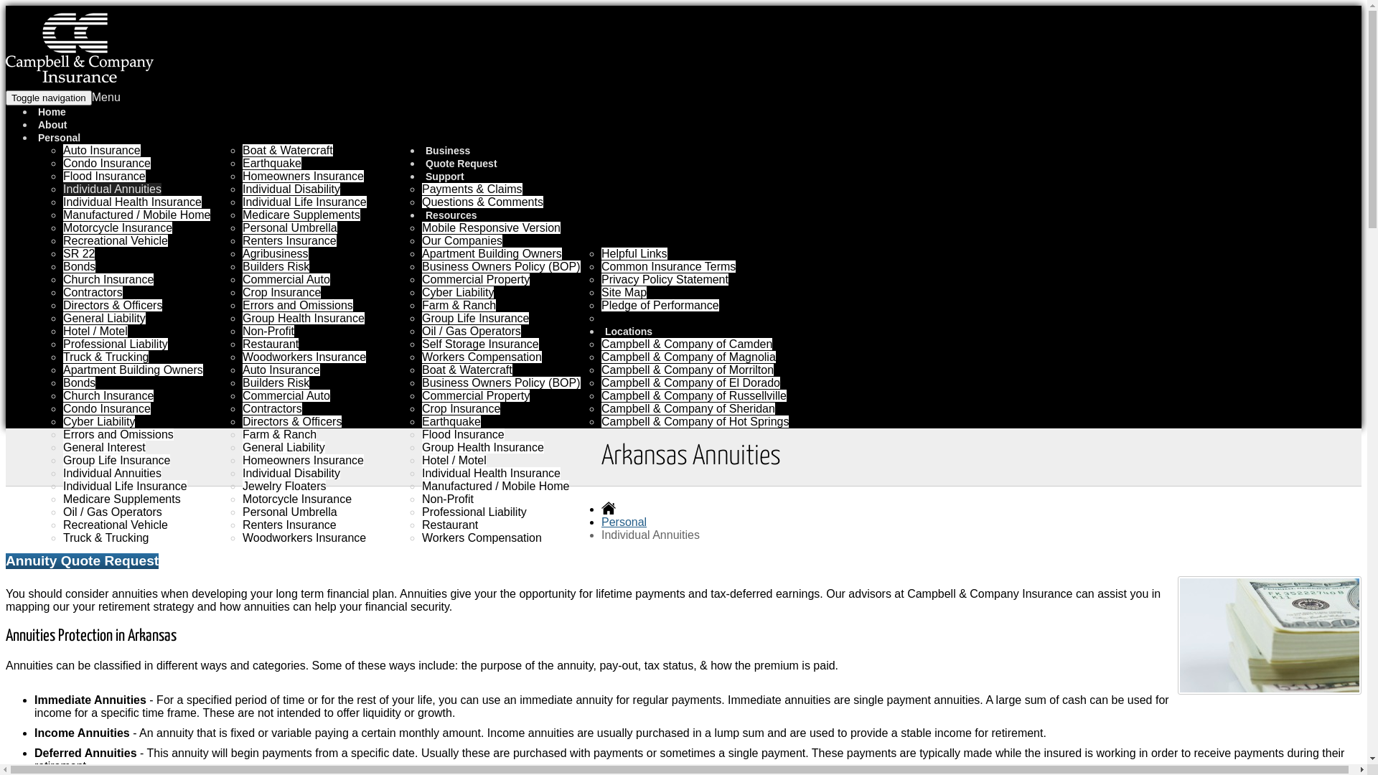 This screenshot has height=775, width=1378. I want to click on 'Commercial Property', so click(475, 395).